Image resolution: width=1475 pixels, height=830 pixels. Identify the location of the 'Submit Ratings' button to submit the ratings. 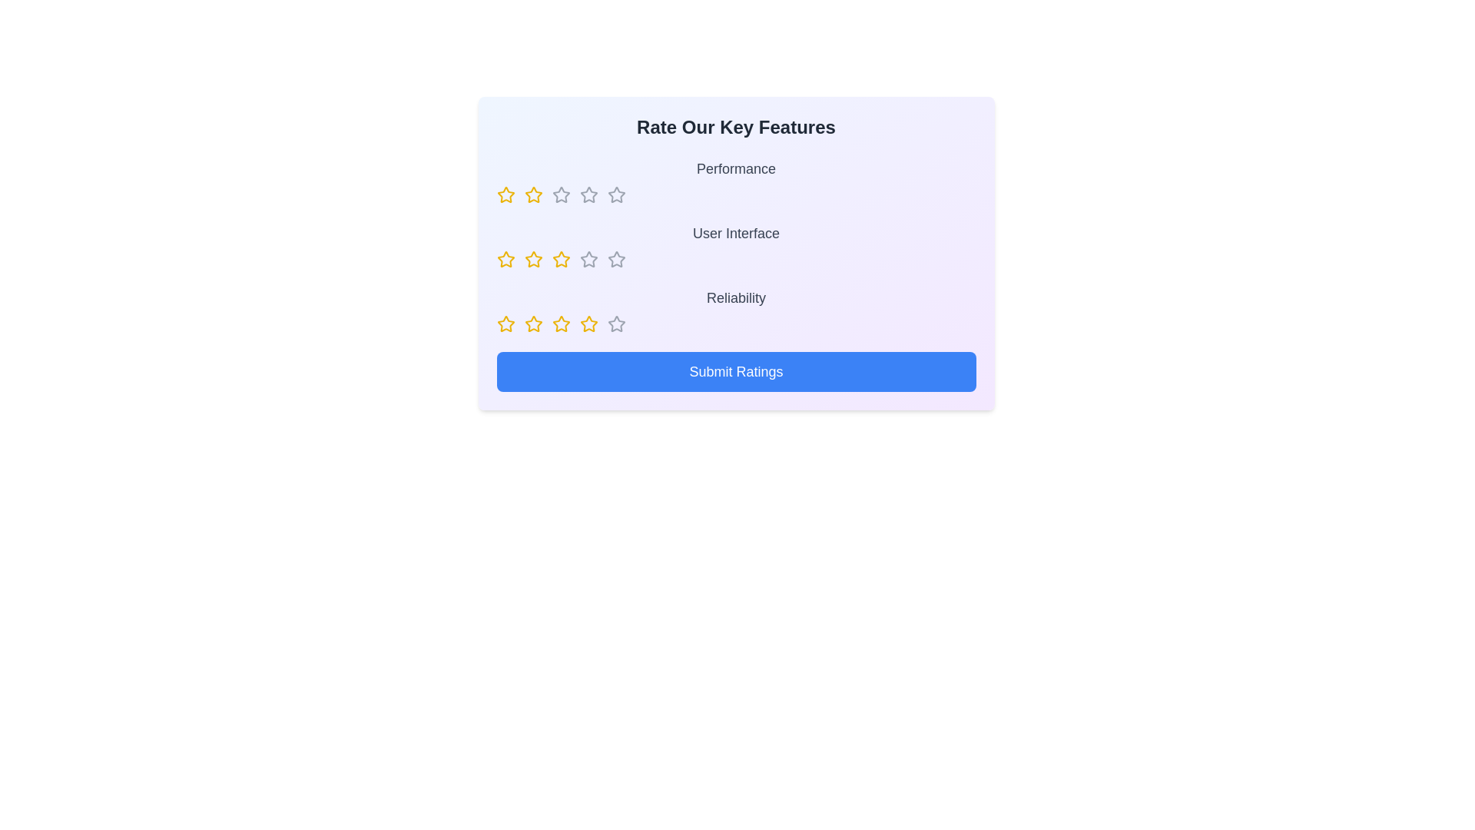
(735, 371).